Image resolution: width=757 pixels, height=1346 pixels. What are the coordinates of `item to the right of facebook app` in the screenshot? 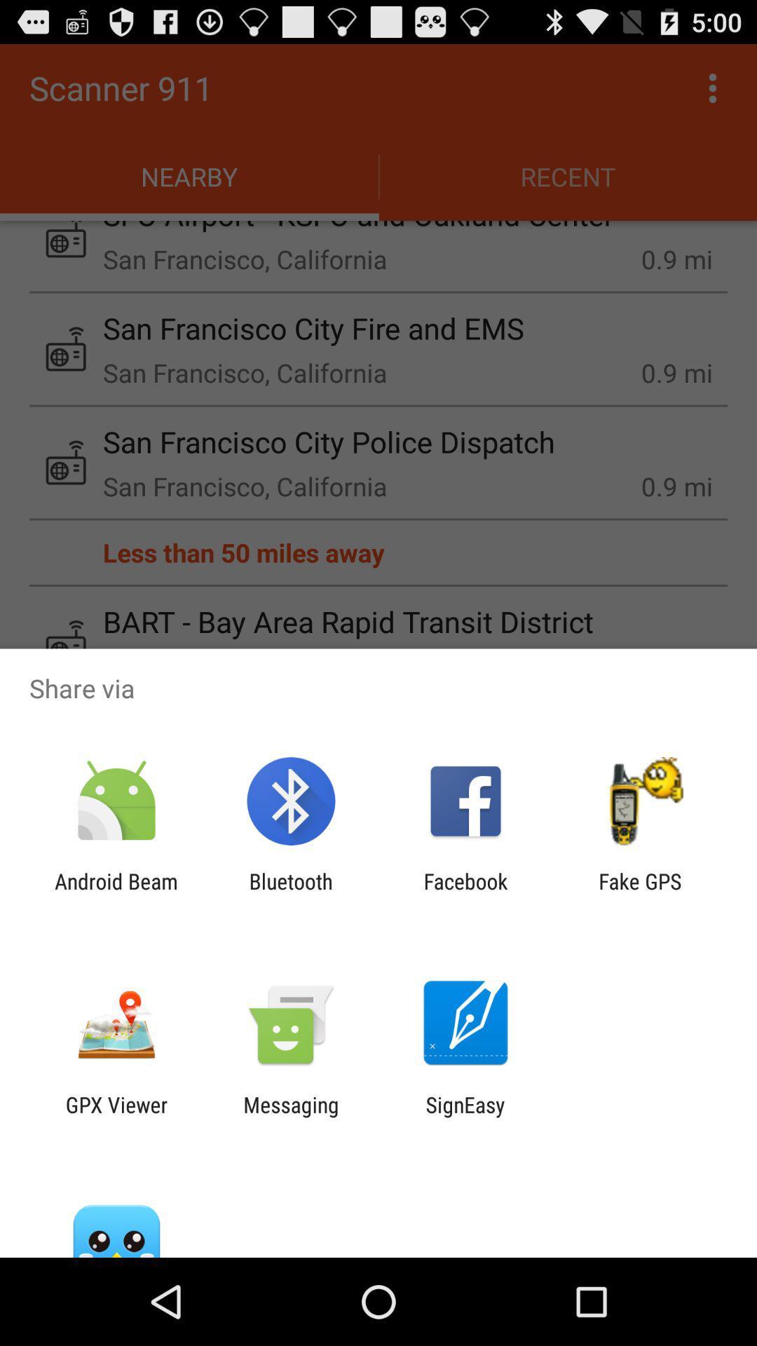 It's located at (640, 893).